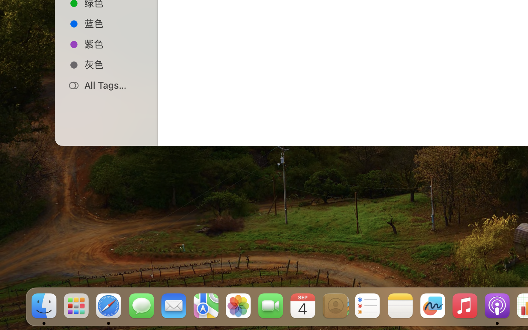 This screenshot has height=330, width=528. I want to click on '蓝色', so click(114, 23).